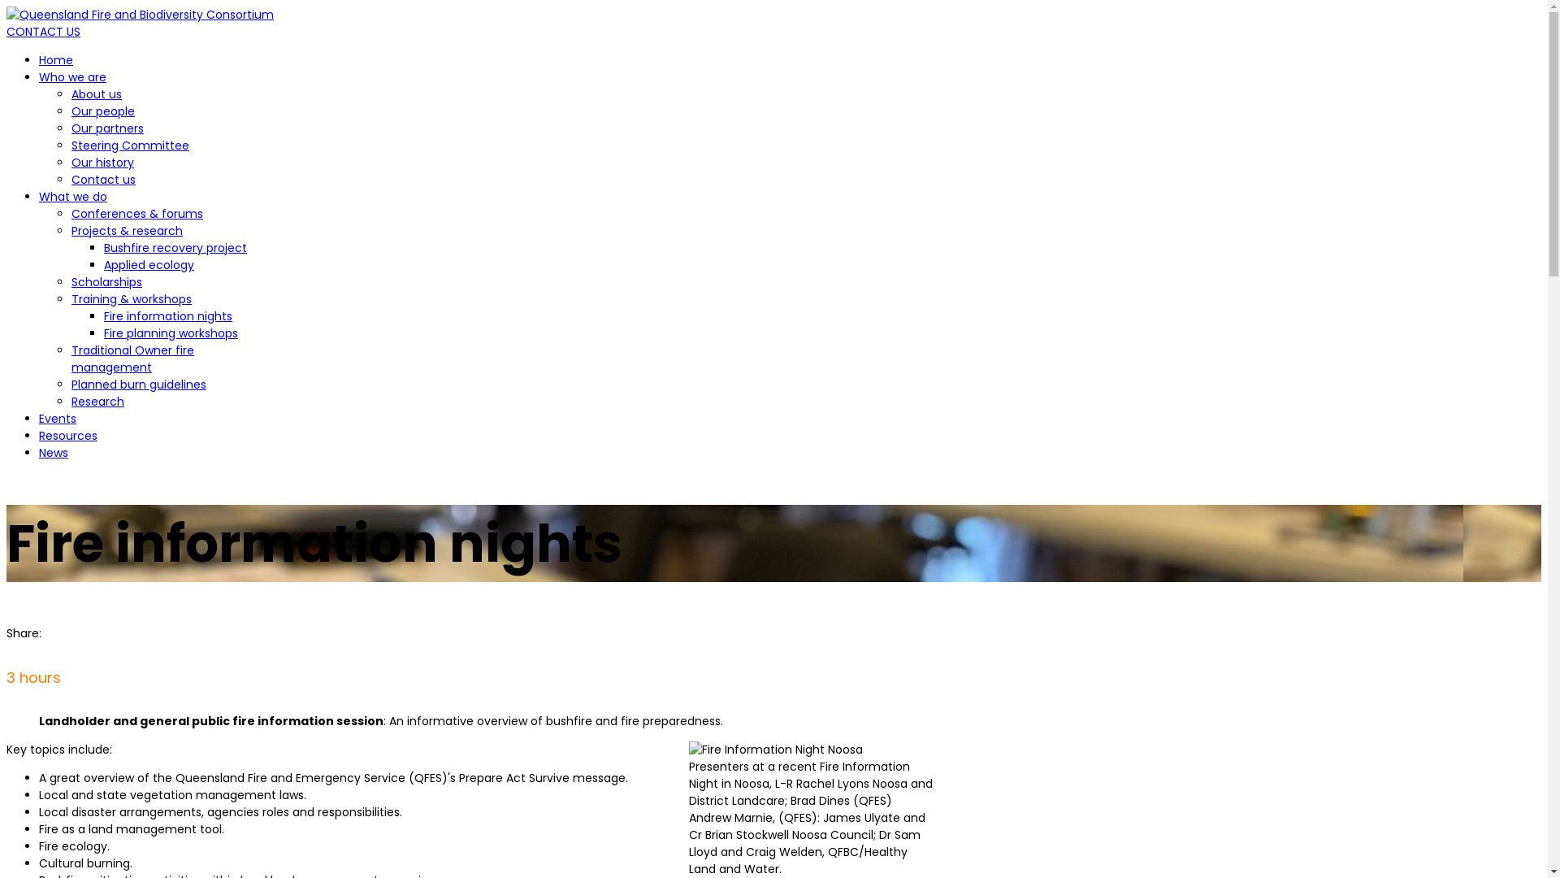 This screenshot has width=1560, height=878. I want to click on 'Our partners', so click(106, 128).